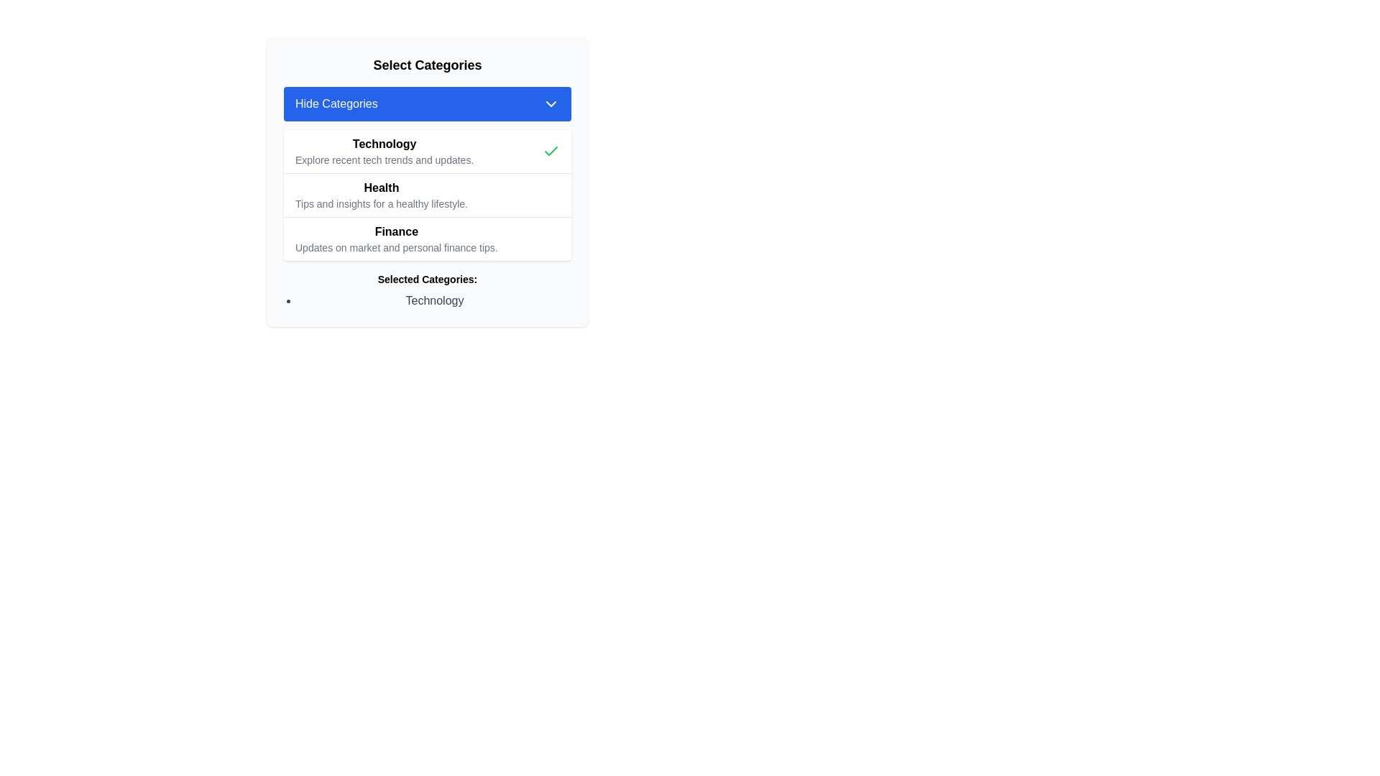 This screenshot has width=1380, height=776. What do you see at coordinates (385, 144) in the screenshot?
I see `the bold text label that reads 'Technology' in the 'Select Categories' interface` at bounding box center [385, 144].